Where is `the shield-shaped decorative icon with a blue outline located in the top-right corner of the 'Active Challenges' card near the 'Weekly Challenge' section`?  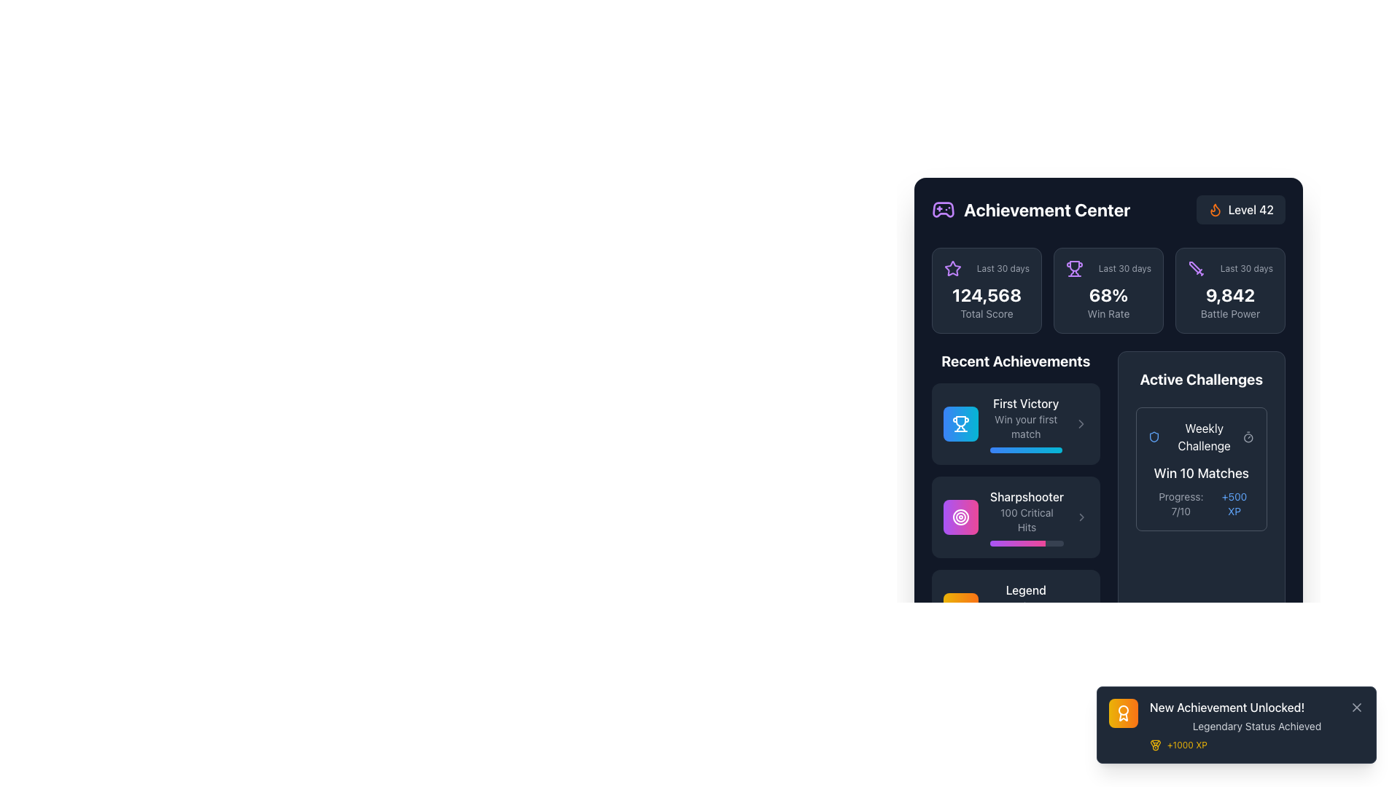 the shield-shaped decorative icon with a blue outline located in the top-right corner of the 'Active Challenges' card near the 'Weekly Challenge' section is located at coordinates (1153, 436).